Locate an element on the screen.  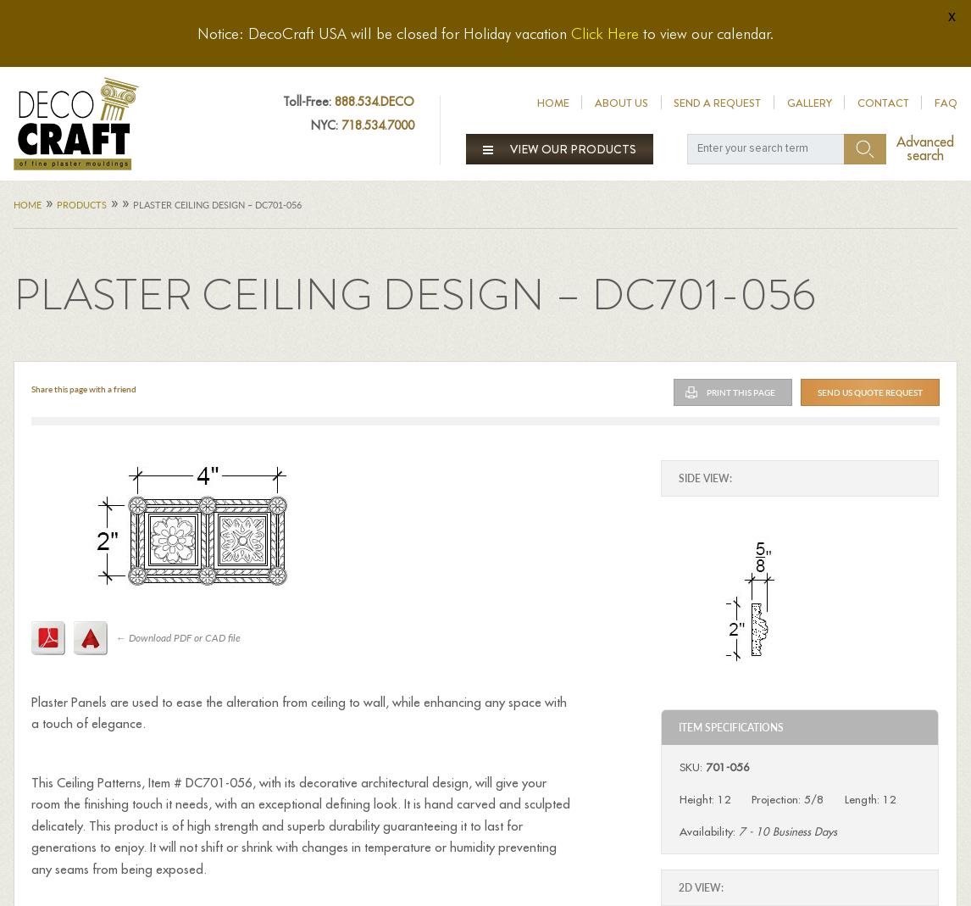
'x' is located at coordinates (951, 15).